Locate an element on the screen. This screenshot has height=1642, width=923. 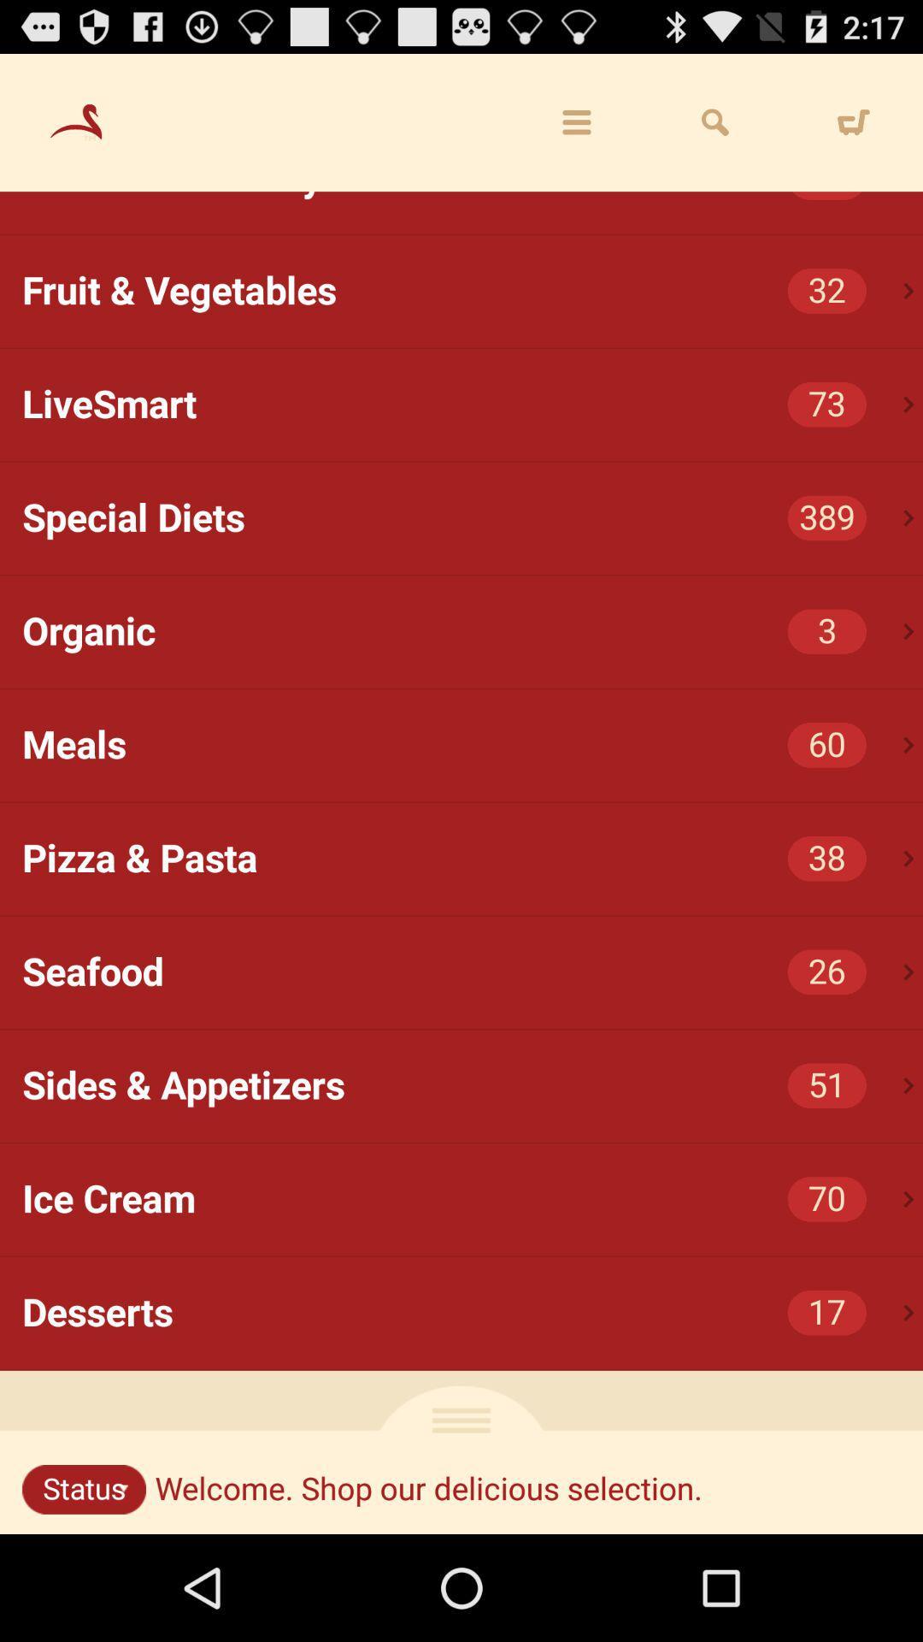
17 item is located at coordinates (826, 1312).